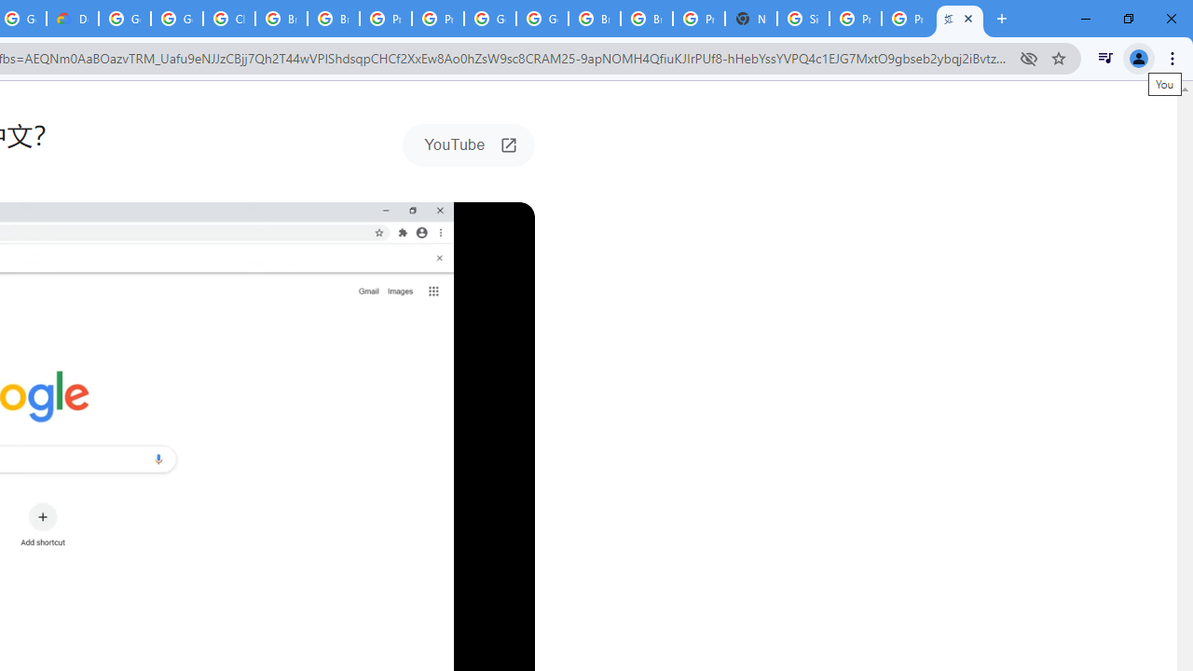 This screenshot has width=1193, height=671. What do you see at coordinates (1028, 57) in the screenshot?
I see `'Third-party cookies blocked'` at bounding box center [1028, 57].